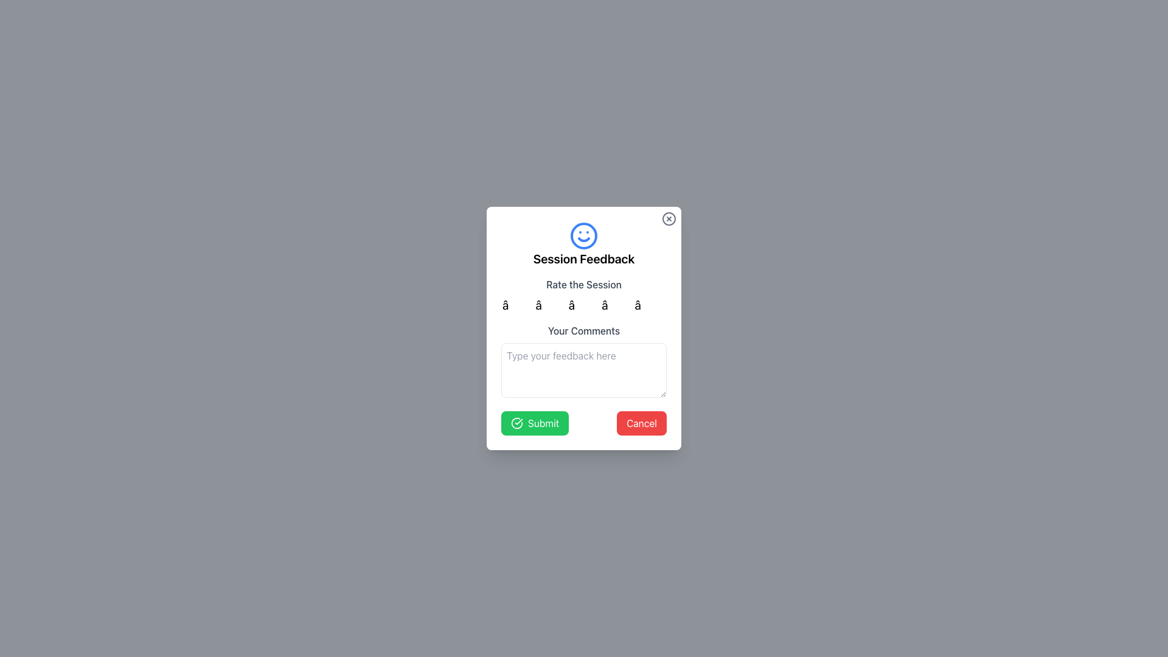  I want to click on the green 'Submit' button with a circular check icon, so click(535, 422).